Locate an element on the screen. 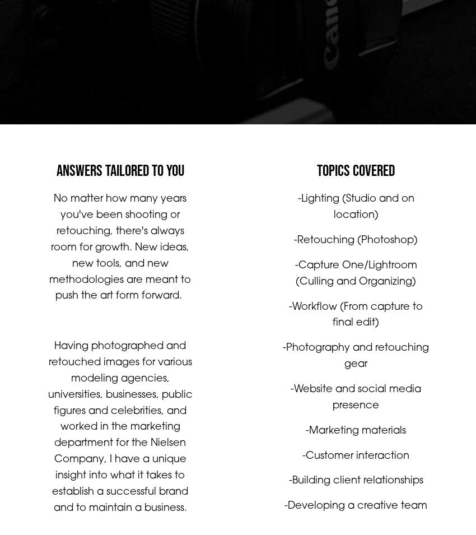 The width and height of the screenshot is (476, 535). '-Developing a creative team' is located at coordinates (355, 517).